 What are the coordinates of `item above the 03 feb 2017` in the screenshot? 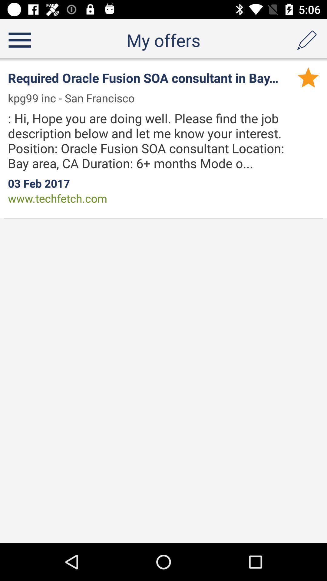 It's located at (157, 140).